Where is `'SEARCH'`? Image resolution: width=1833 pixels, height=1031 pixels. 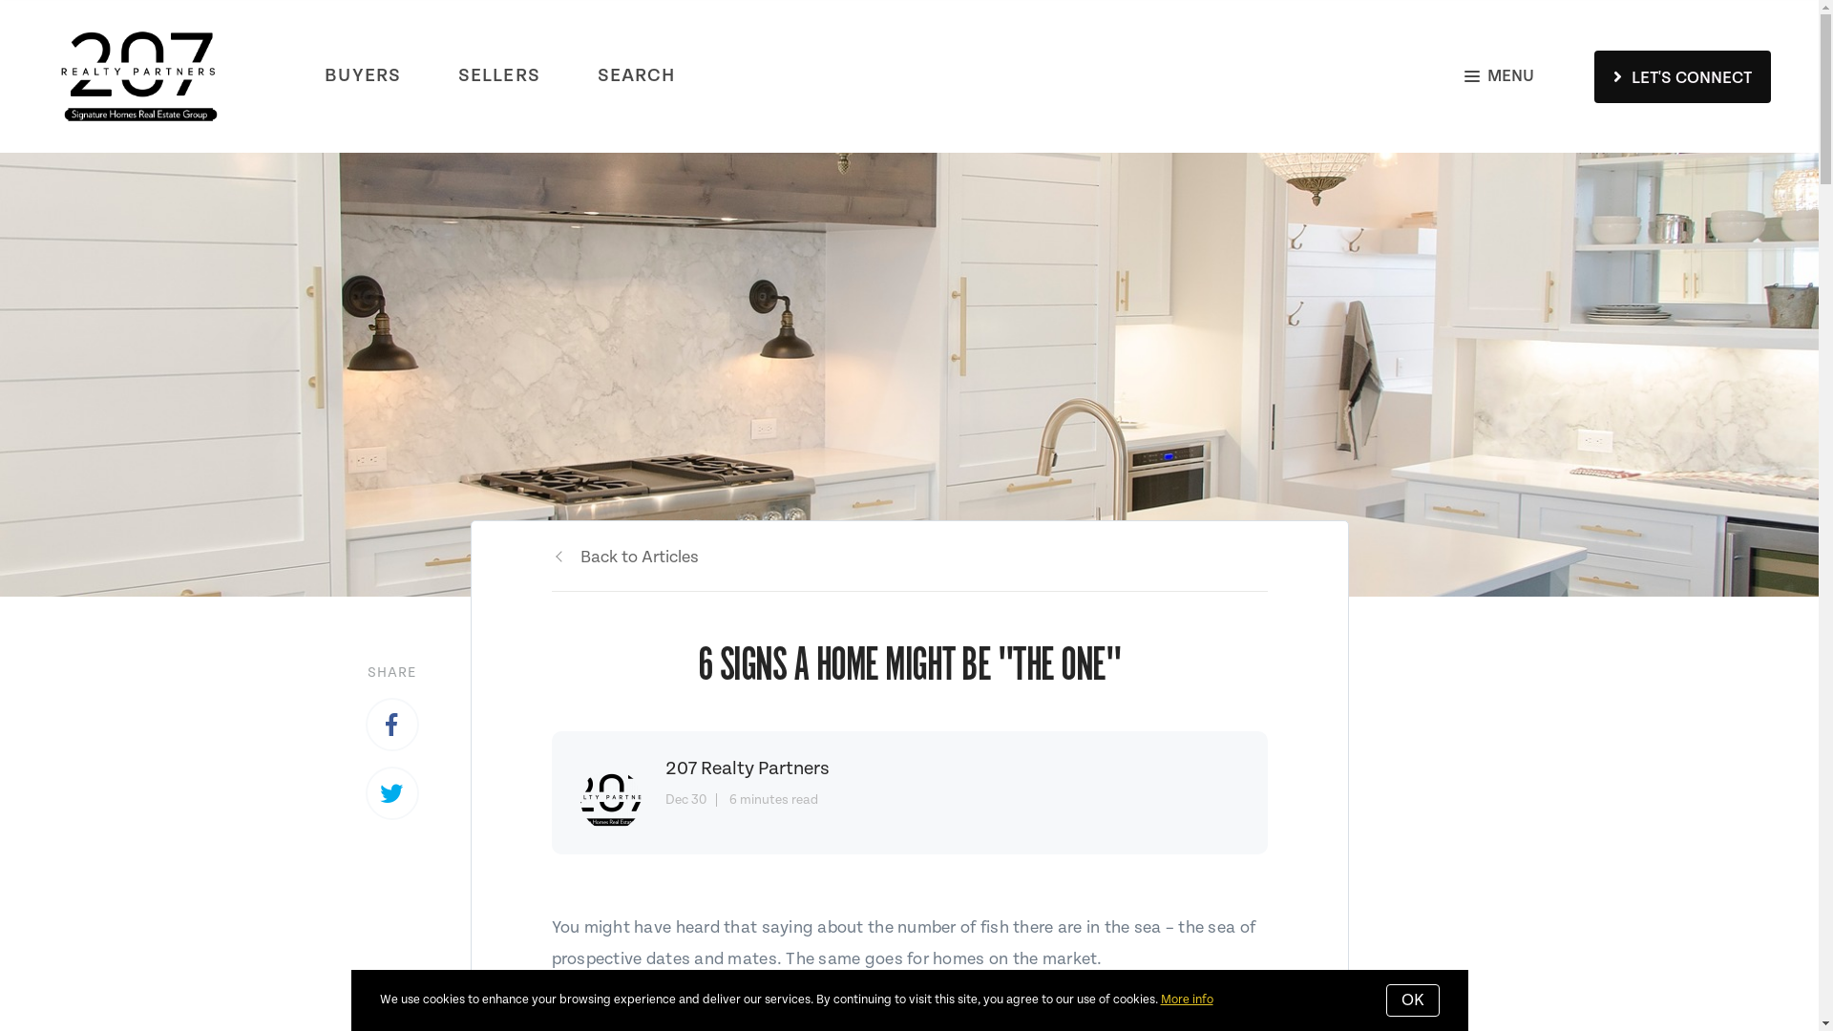 'SEARCH' is located at coordinates (596, 75).